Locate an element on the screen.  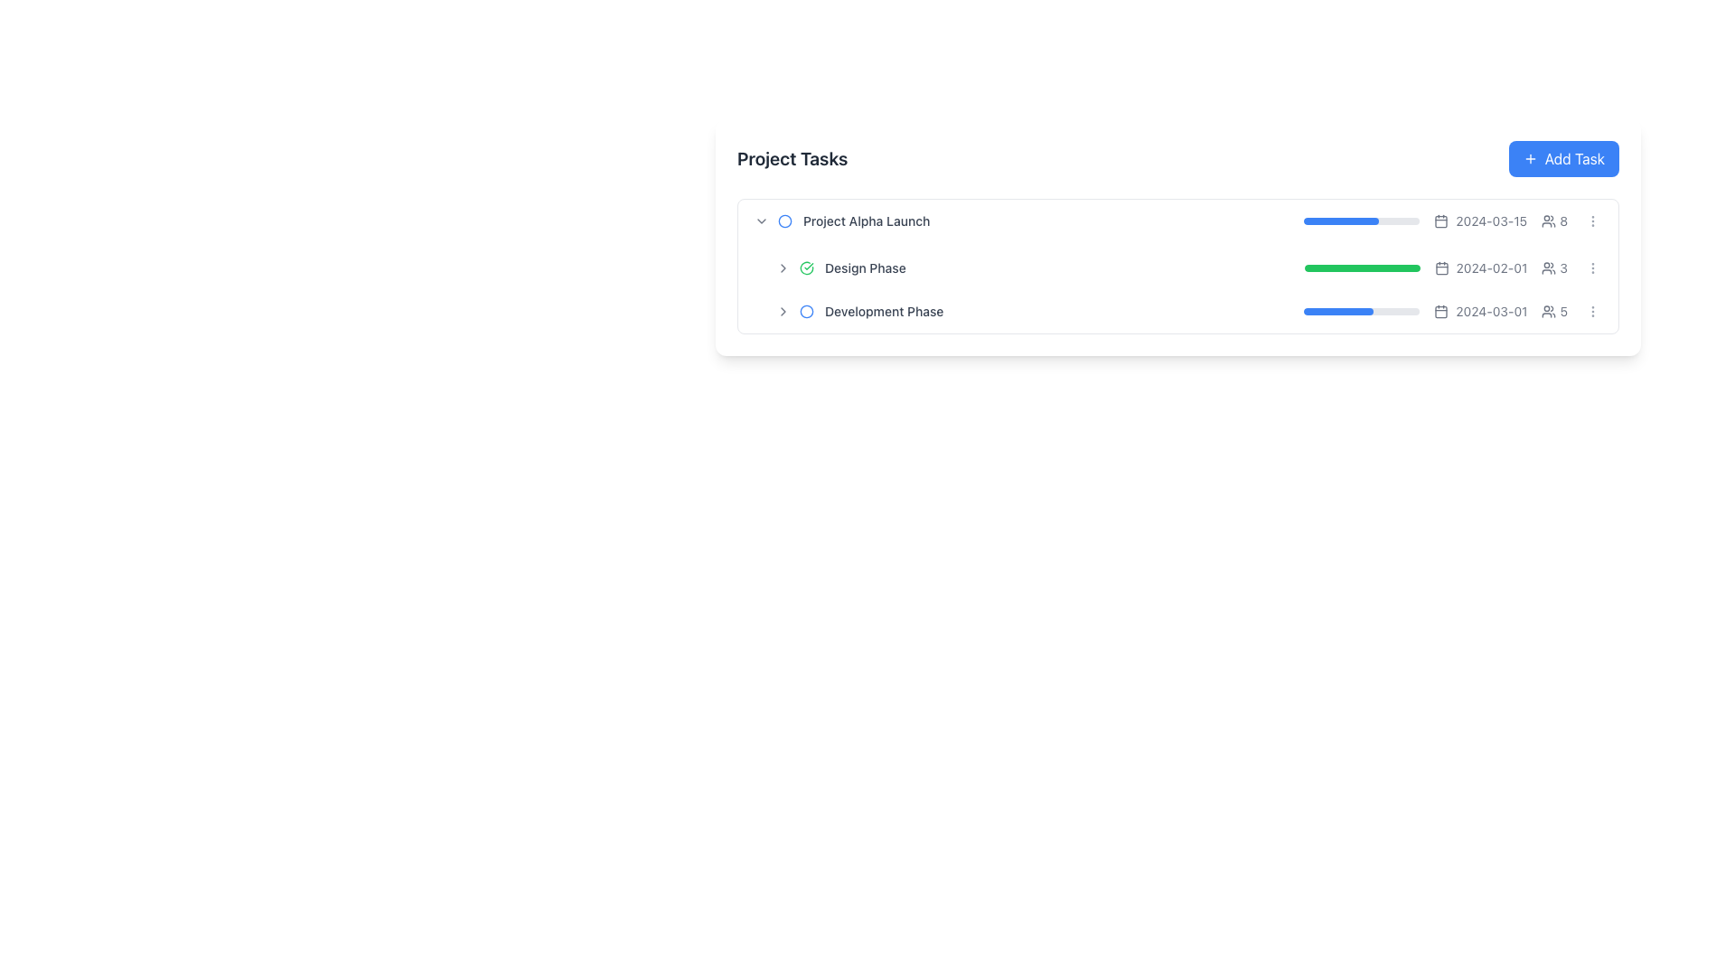
progress level is located at coordinates (1370, 268).